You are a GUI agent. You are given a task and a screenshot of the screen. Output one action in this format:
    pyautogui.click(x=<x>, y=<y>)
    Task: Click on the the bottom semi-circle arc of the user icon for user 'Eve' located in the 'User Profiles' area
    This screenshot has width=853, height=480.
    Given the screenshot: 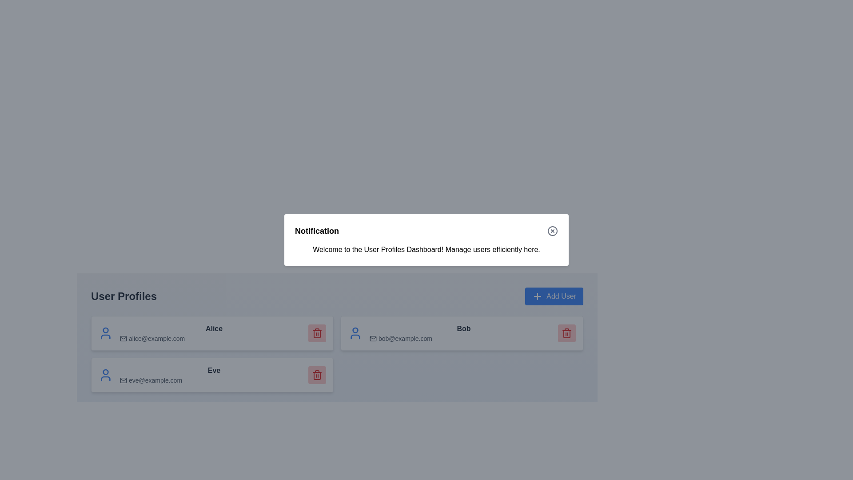 What is the action you would take?
    pyautogui.click(x=106, y=379)
    